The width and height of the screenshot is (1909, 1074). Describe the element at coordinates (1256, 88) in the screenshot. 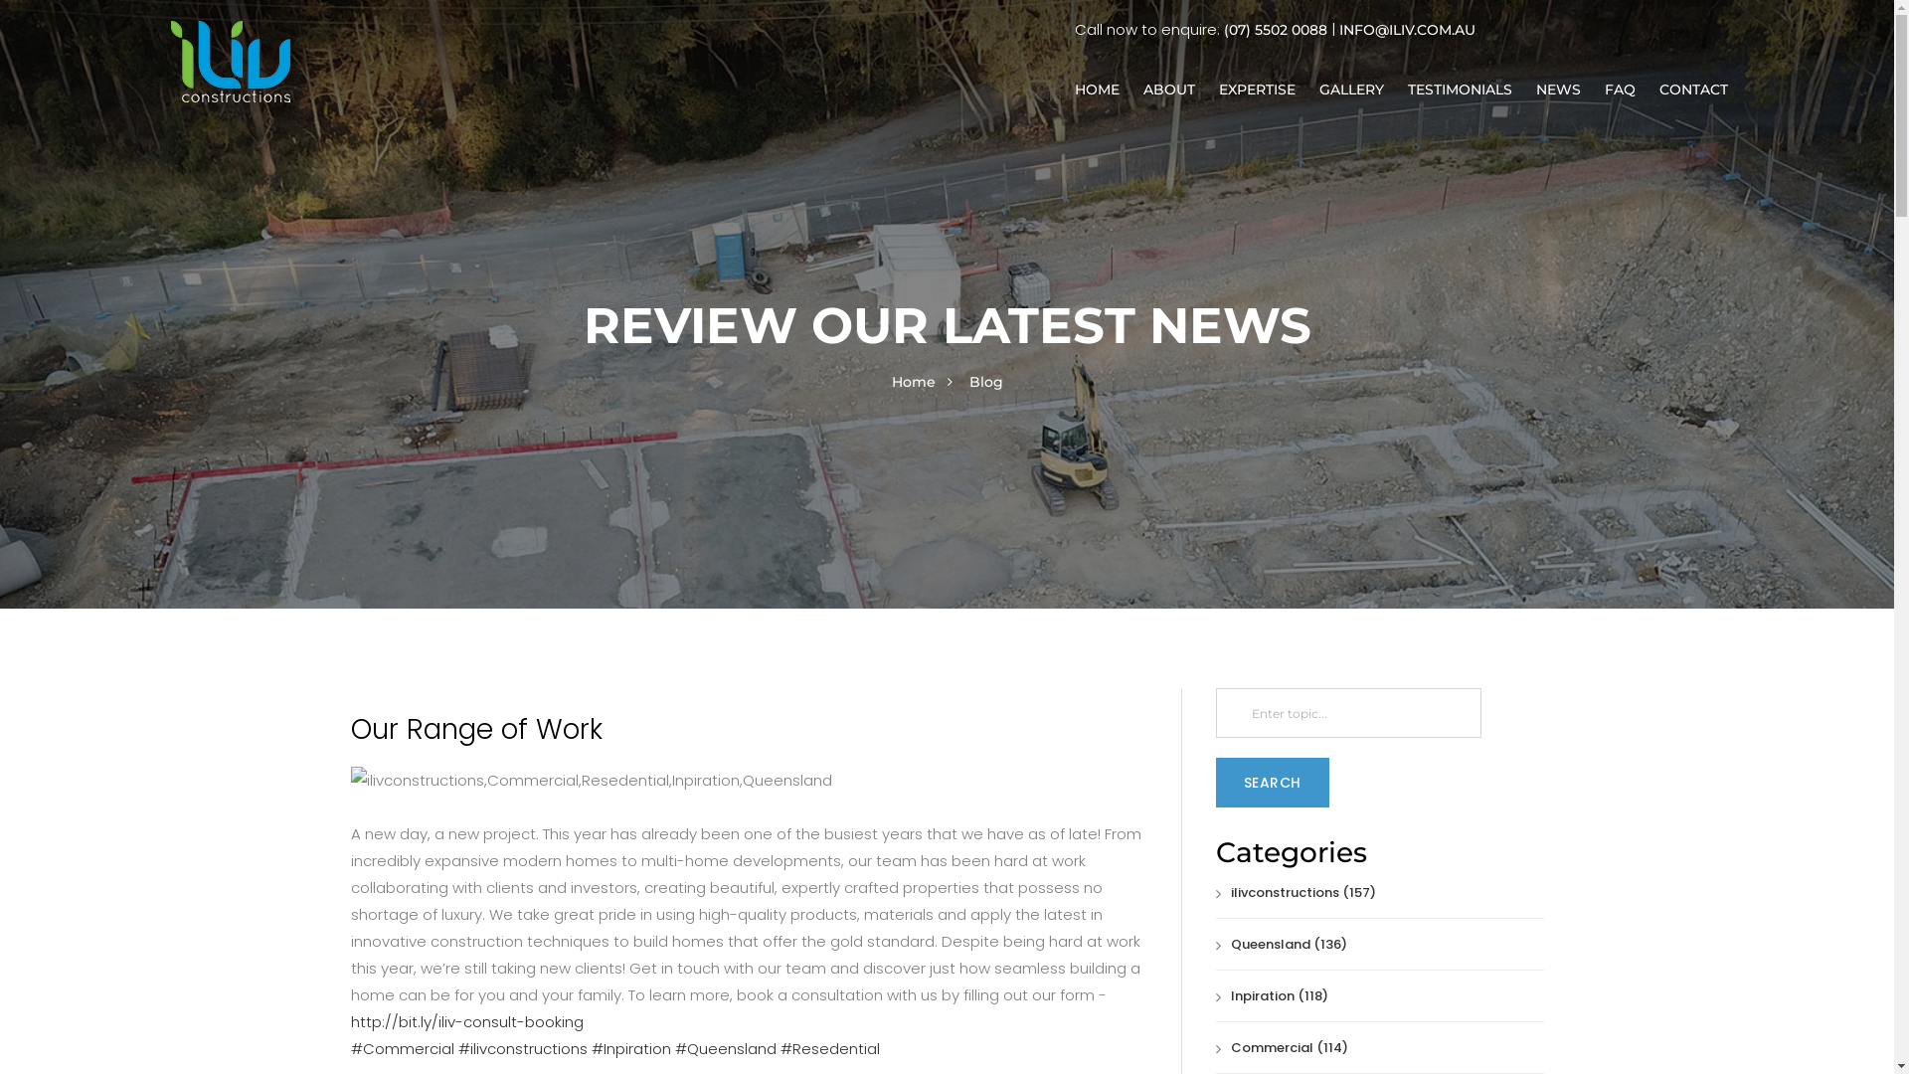

I see `'EXPERTISE'` at that location.